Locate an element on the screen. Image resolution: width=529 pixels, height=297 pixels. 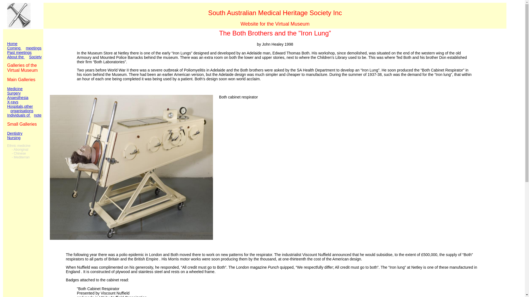
'X-rays' is located at coordinates (13, 102).